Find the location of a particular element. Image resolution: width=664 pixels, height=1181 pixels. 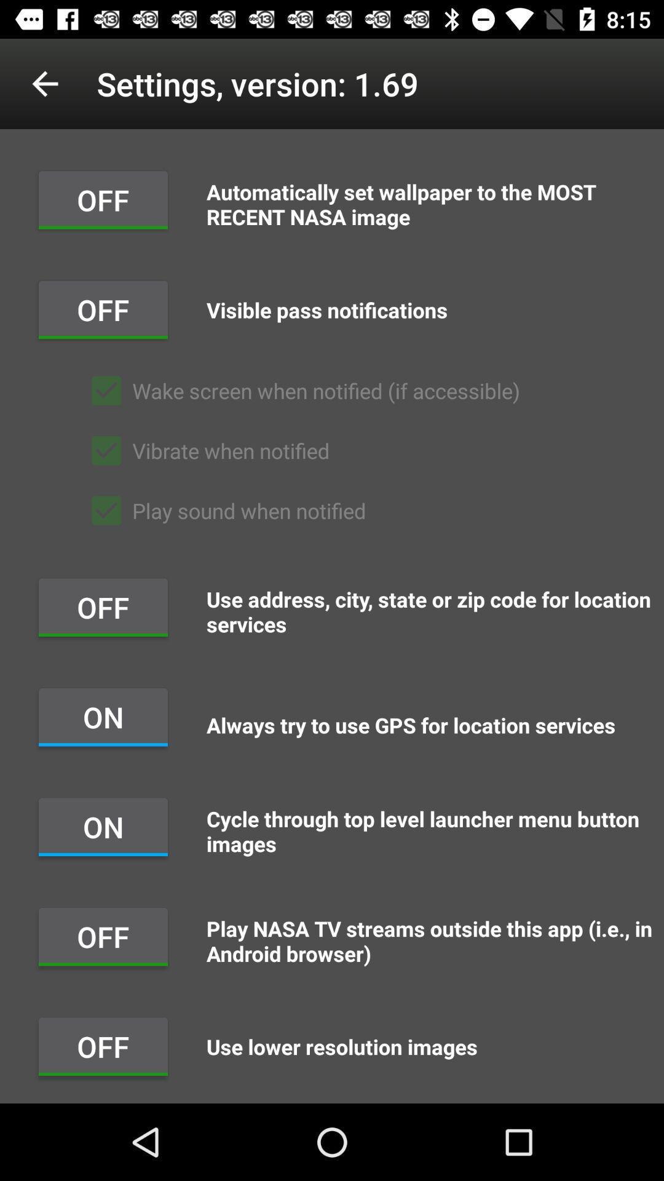

the icon next to settings version 1 is located at coordinates (44, 83).